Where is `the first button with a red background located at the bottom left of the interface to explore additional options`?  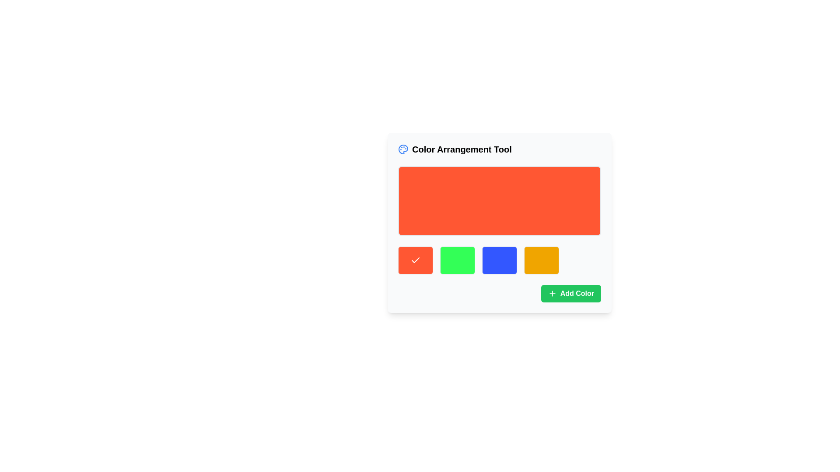
the first button with a red background located at the bottom left of the interface to explore additional options is located at coordinates (415, 260).